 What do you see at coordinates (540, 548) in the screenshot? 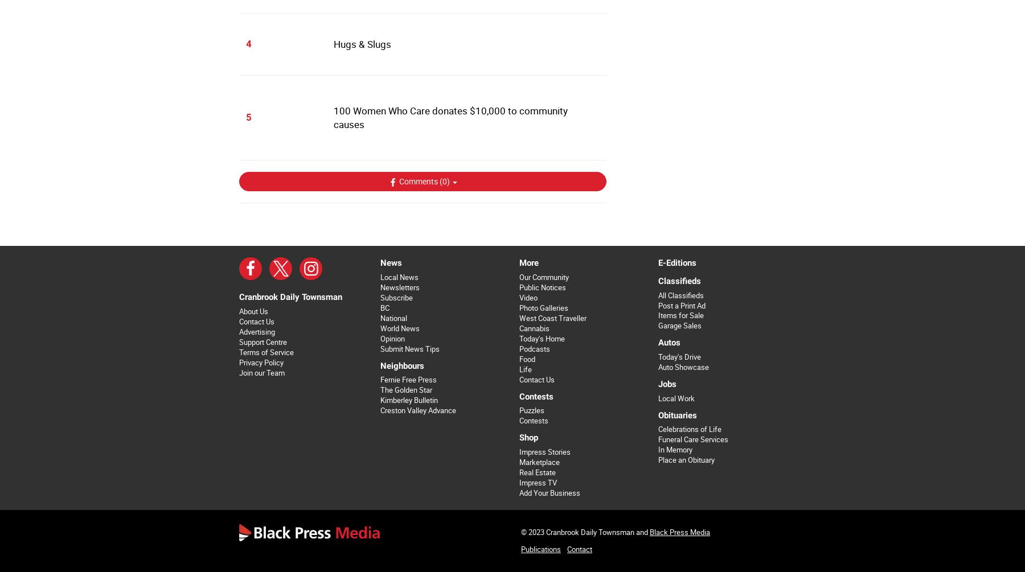
I see `'Publications'` at bounding box center [540, 548].